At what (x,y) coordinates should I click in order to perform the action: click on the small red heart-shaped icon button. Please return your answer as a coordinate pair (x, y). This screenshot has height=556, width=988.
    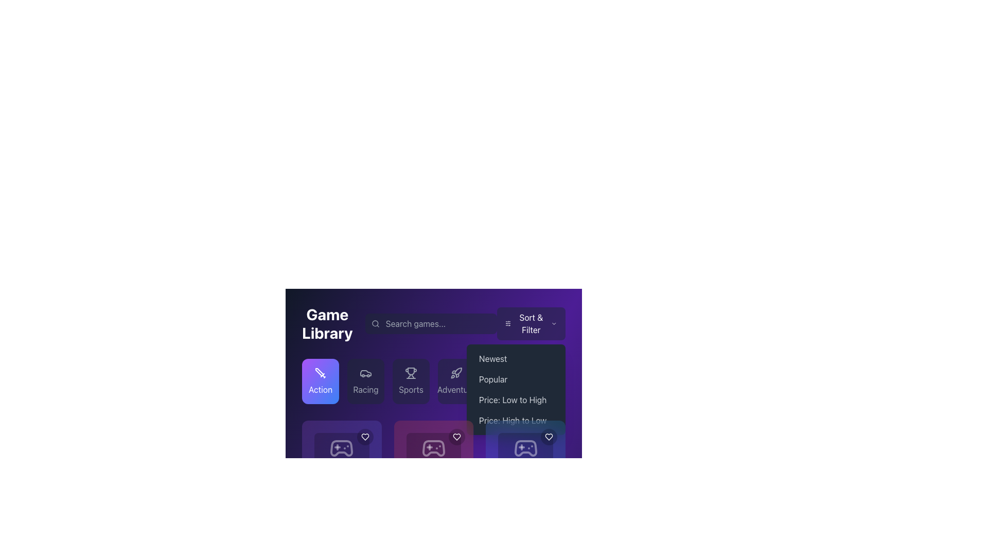
    Looking at the image, I should click on (456, 437).